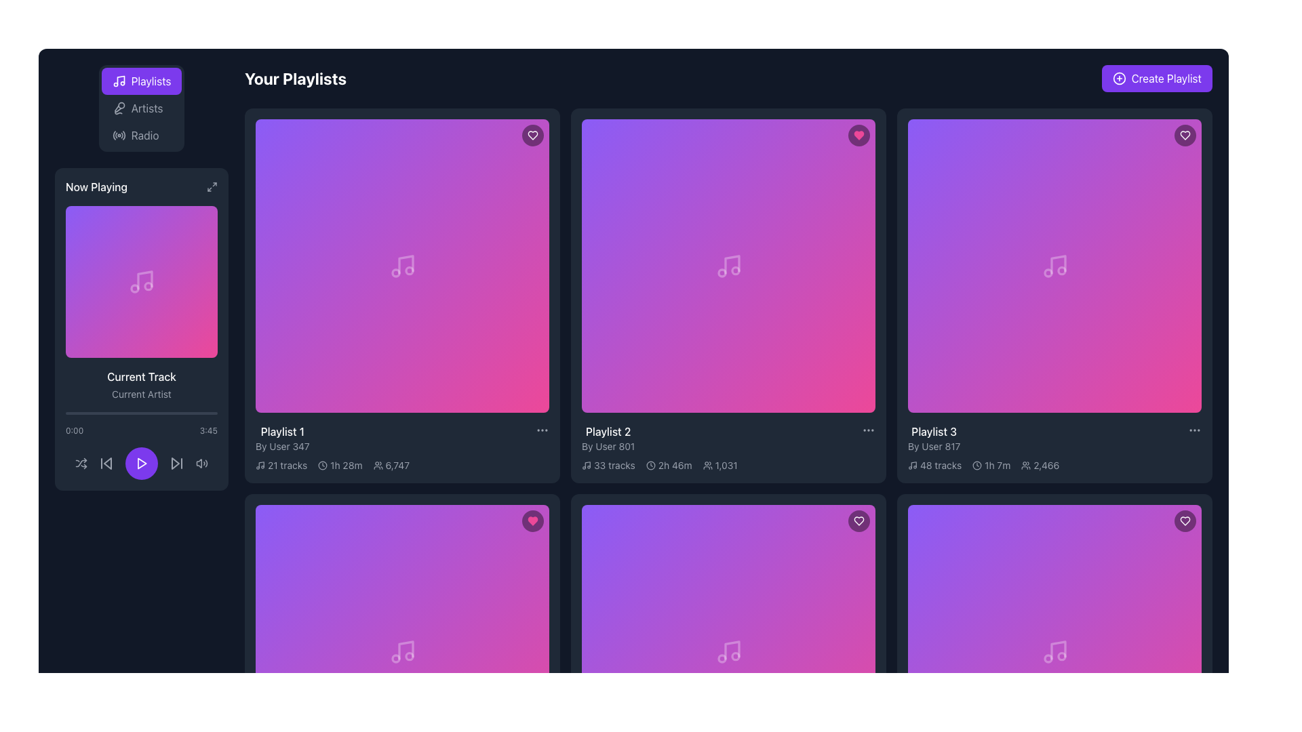  What do you see at coordinates (1184, 520) in the screenshot?
I see `the heart-shaped icon button in the top-right corner of the 'Playlist 3' card` at bounding box center [1184, 520].